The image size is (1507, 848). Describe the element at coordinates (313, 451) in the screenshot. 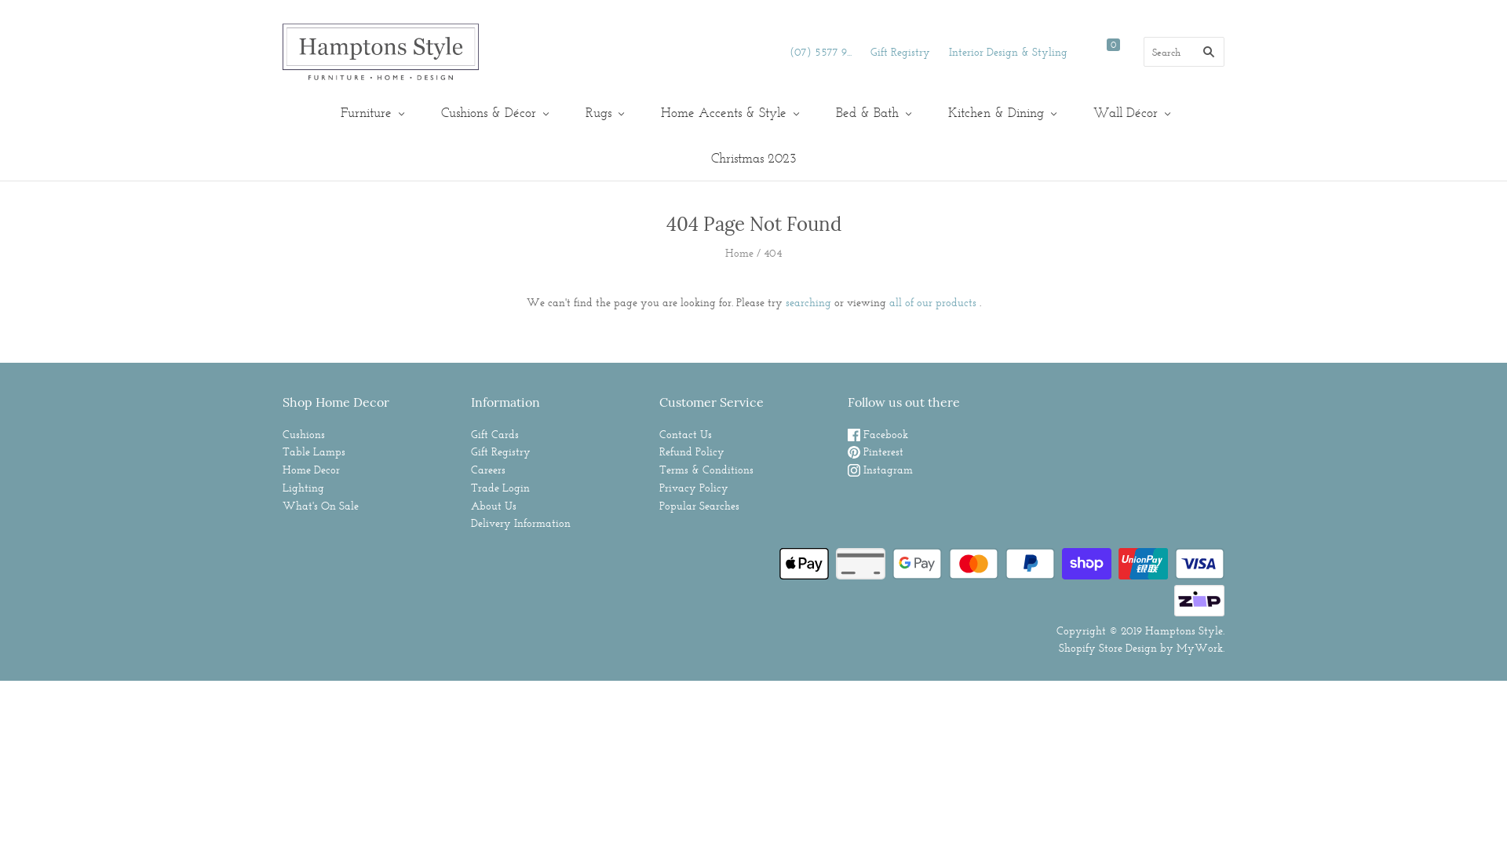

I see `'Table Lamps'` at that location.